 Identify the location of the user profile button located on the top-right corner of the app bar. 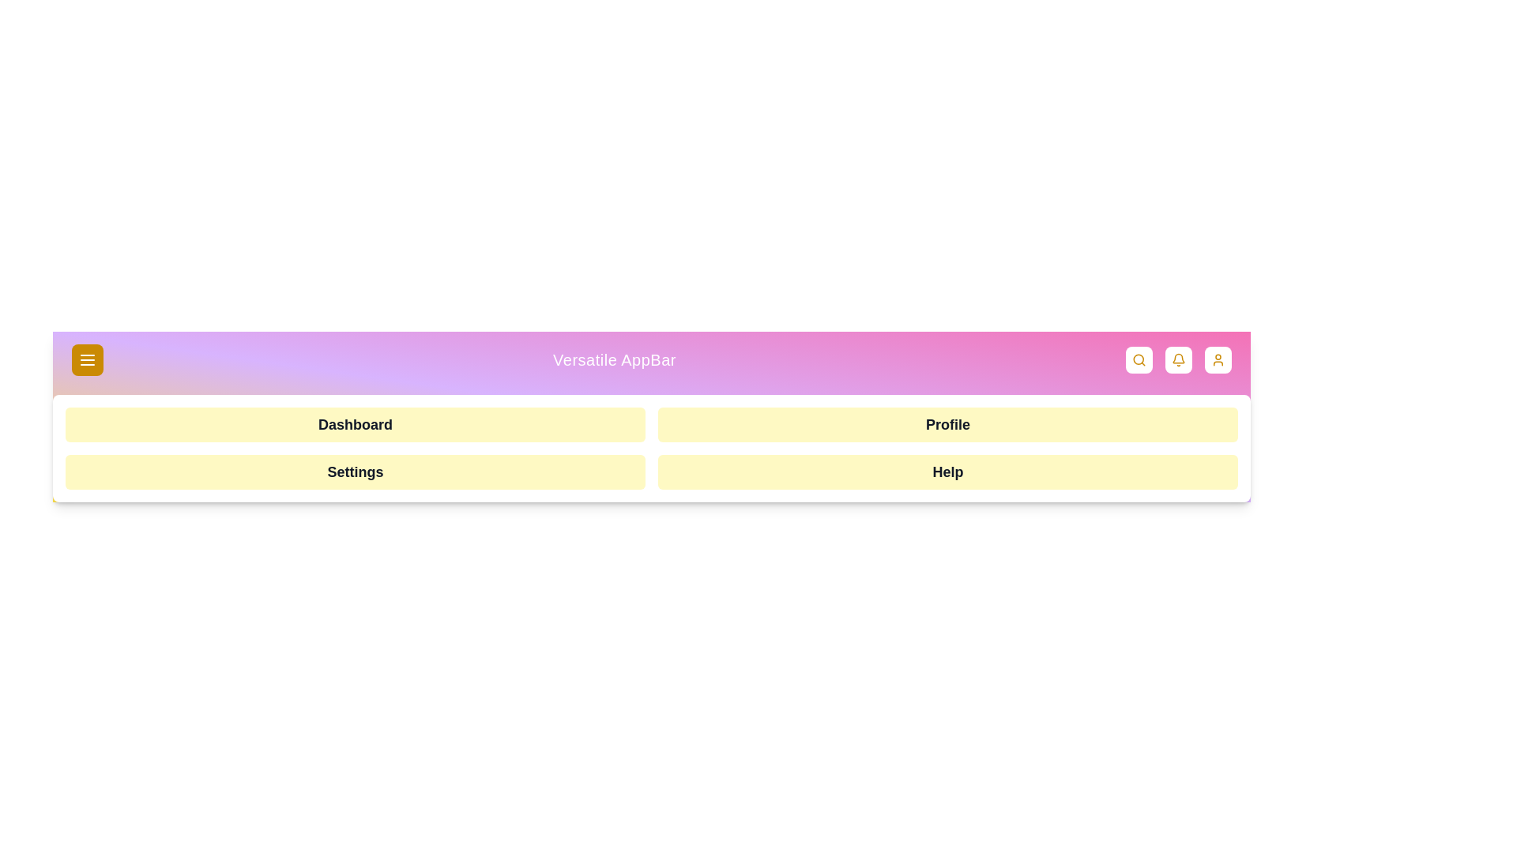
(1217, 359).